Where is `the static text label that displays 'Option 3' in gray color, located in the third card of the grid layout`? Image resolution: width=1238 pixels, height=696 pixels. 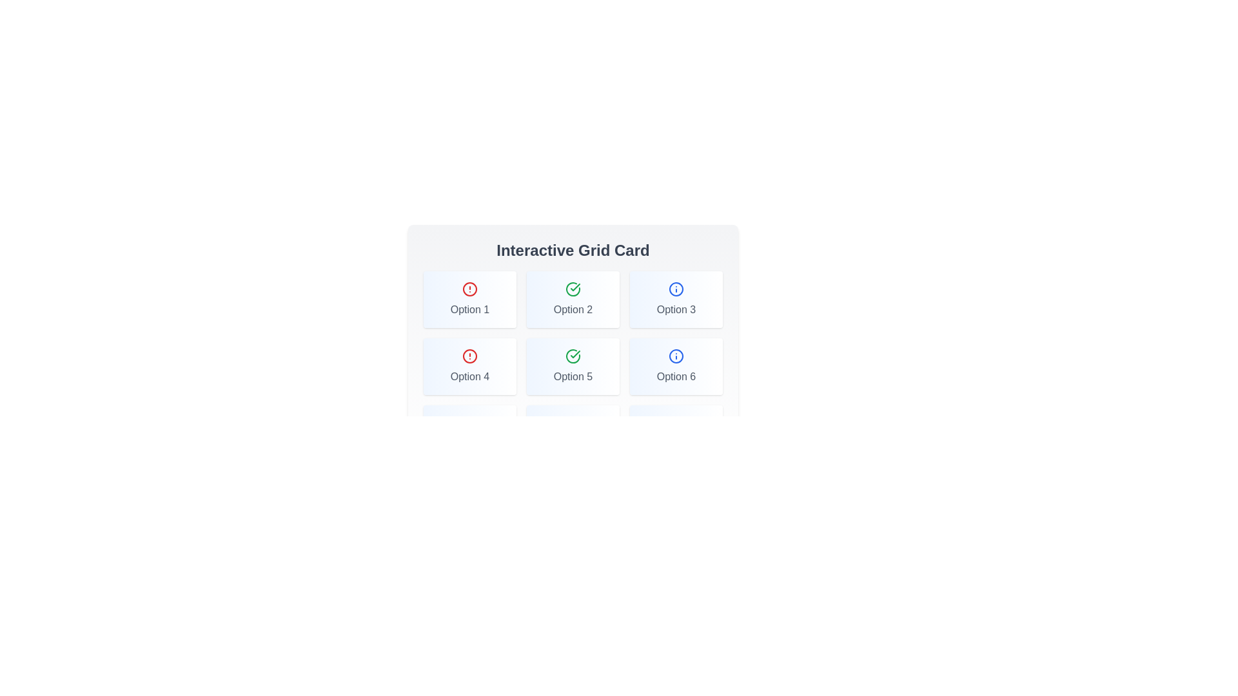 the static text label that displays 'Option 3' in gray color, located in the third card of the grid layout is located at coordinates (676, 310).